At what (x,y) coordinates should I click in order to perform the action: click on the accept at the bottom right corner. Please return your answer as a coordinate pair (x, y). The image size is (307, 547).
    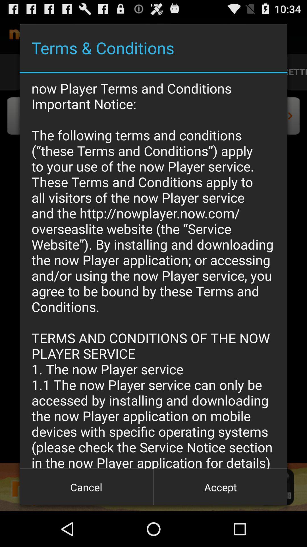
    Looking at the image, I should click on (220, 487).